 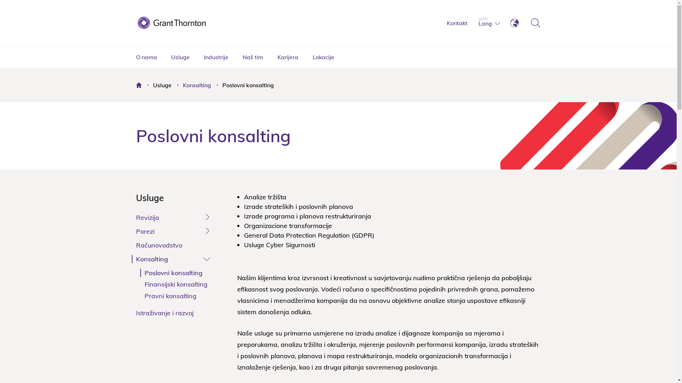 I want to click on 'Usluge', so click(x=180, y=57).